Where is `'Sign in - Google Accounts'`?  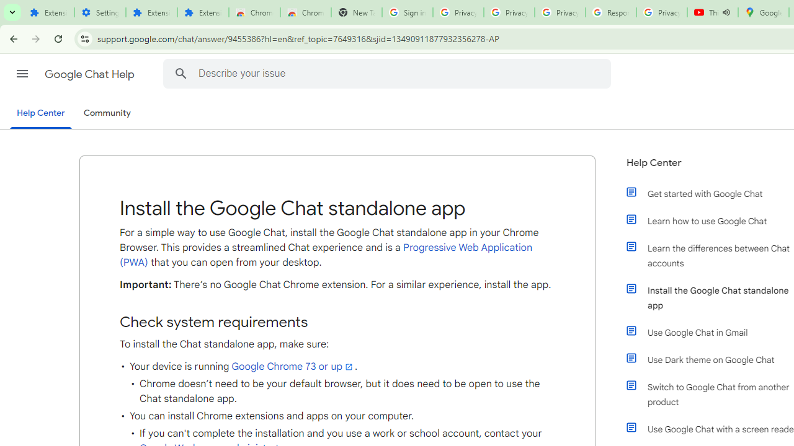 'Sign in - Google Accounts' is located at coordinates (407, 12).